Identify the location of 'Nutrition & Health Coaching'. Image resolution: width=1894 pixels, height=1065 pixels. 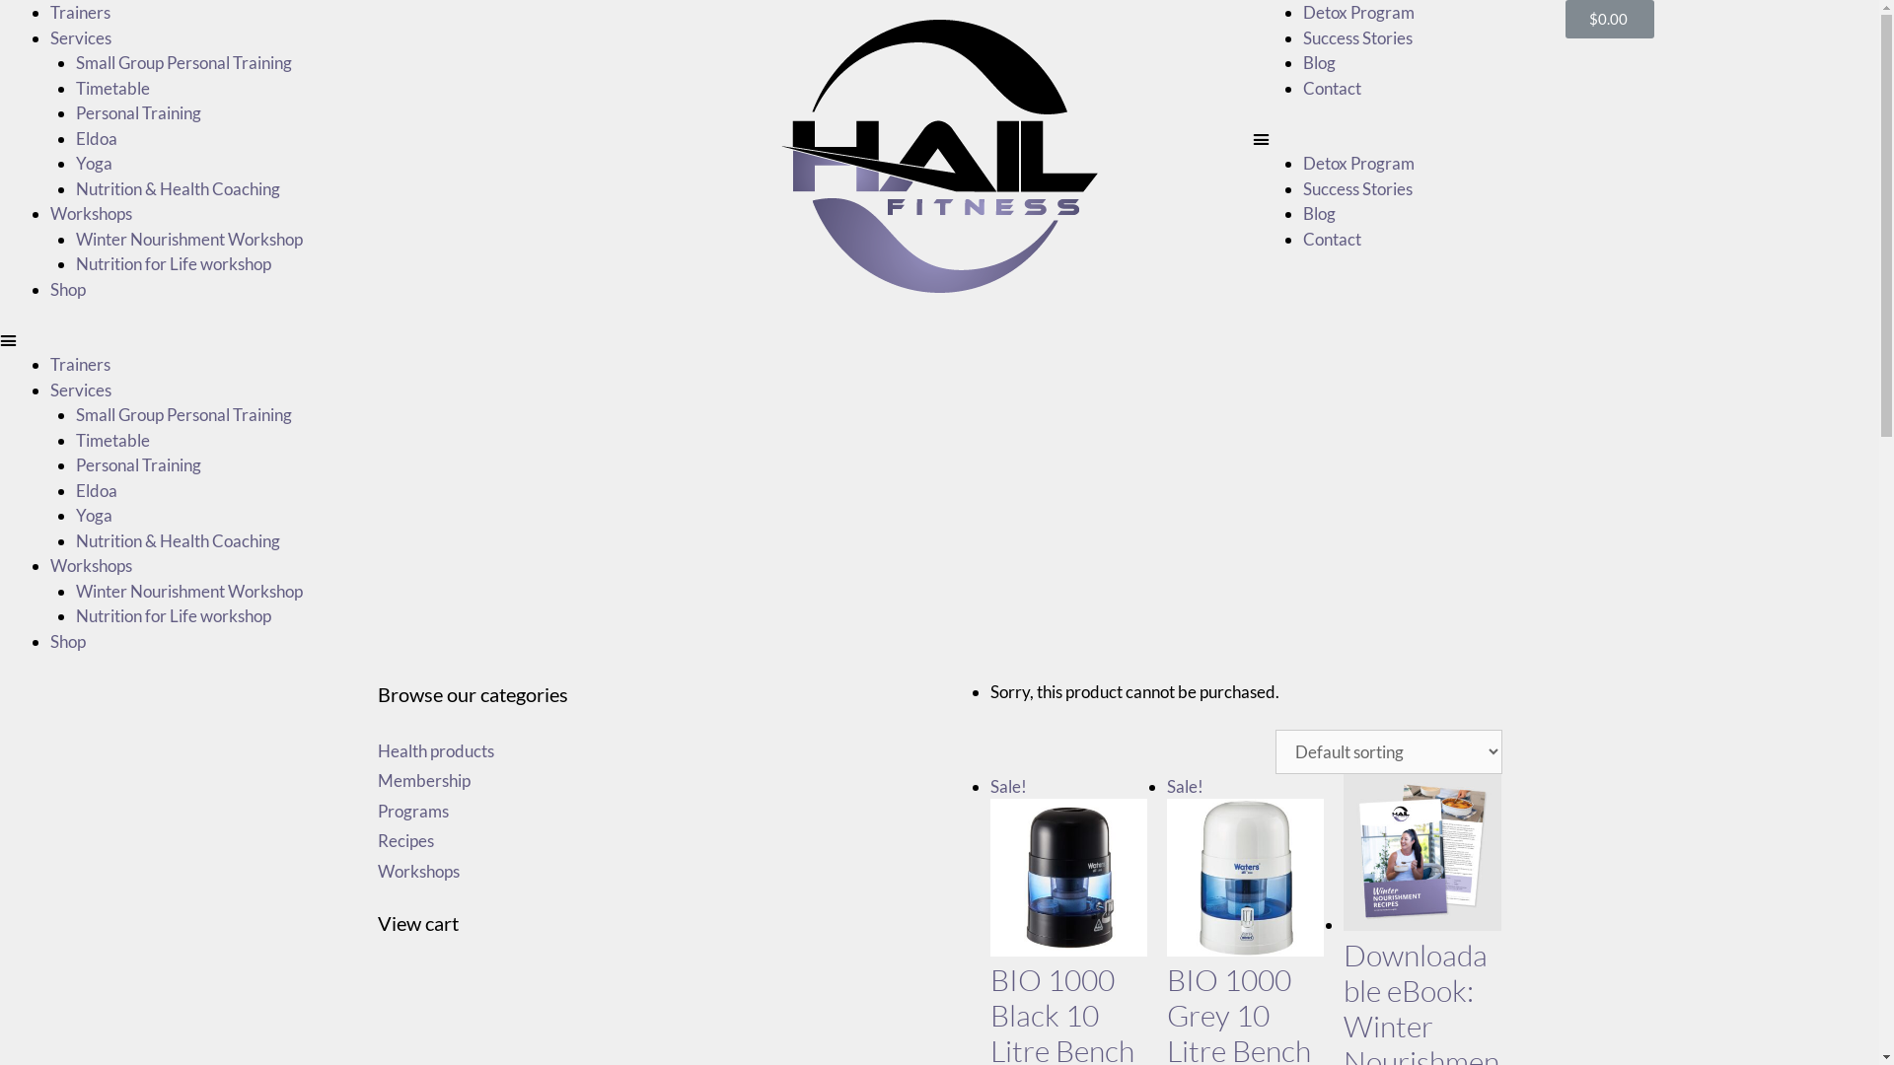
(177, 187).